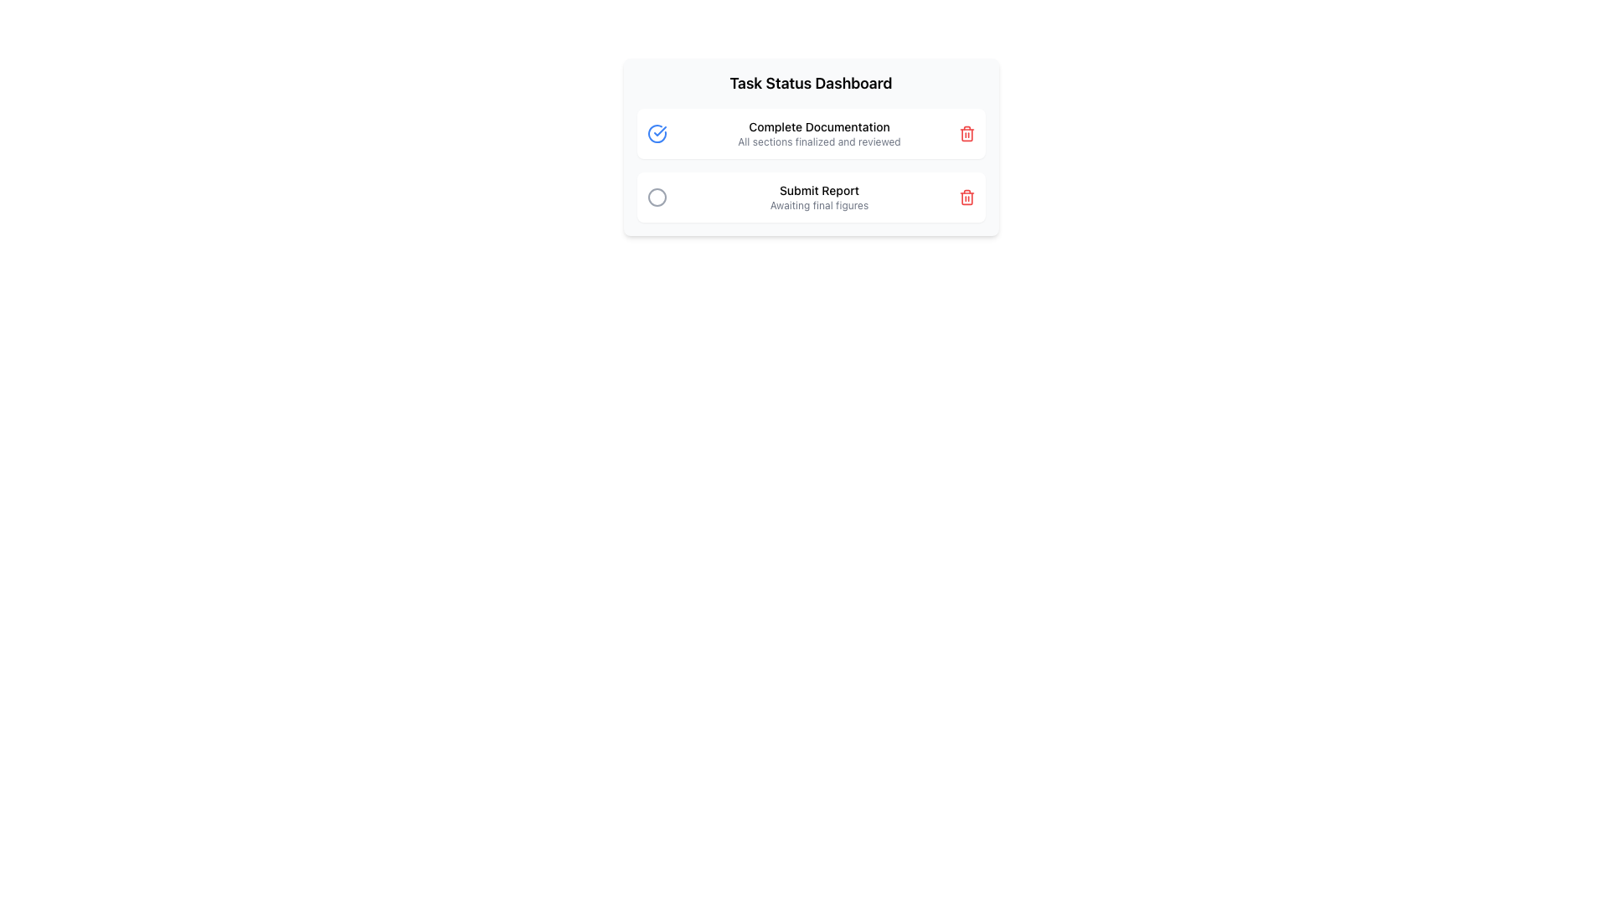  Describe the element at coordinates (656, 196) in the screenshot. I see `circular gray icon located to the left of the 'Submit Report' text in the second task item row of the dashboard` at that location.